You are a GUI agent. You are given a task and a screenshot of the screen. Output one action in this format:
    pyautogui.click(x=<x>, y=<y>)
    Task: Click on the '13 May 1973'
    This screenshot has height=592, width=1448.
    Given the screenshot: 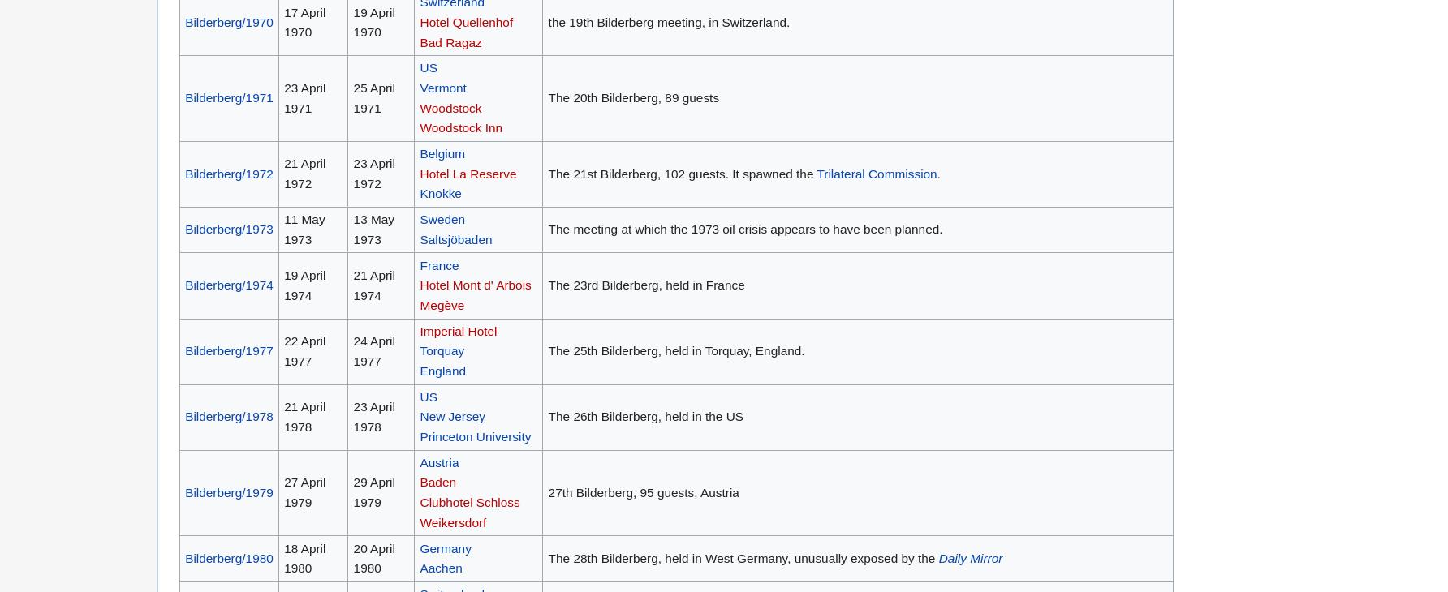 What is the action you would take?
    pyautogui.click(x=373, y=229)
    